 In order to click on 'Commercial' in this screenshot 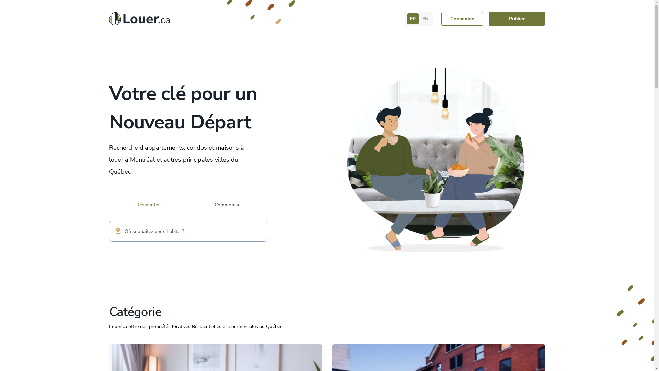, I will do `click(227, 206)`.